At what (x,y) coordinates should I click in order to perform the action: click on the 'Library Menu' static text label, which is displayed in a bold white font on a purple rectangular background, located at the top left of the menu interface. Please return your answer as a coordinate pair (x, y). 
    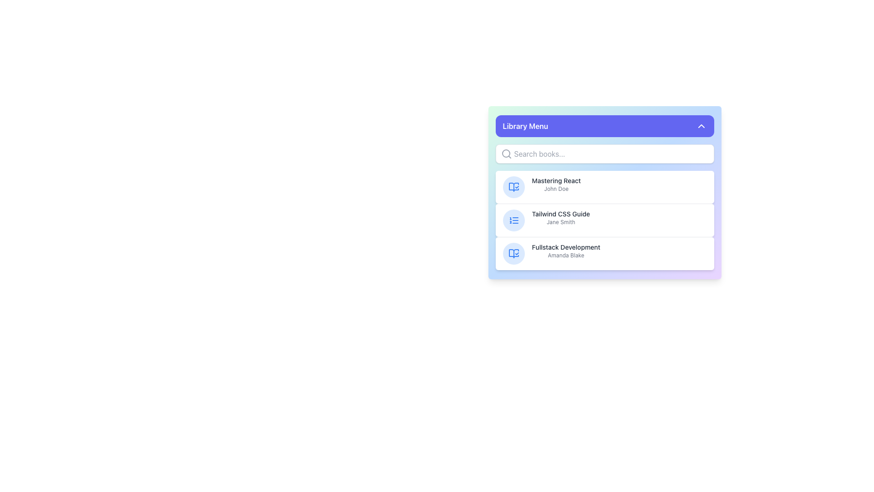
    Looking at the image, I should click on (525, 126).